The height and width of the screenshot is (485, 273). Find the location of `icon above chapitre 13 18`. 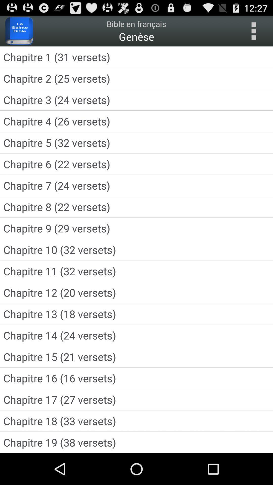

icon above chapitre 13 18 is located at coordinates (136, 292).